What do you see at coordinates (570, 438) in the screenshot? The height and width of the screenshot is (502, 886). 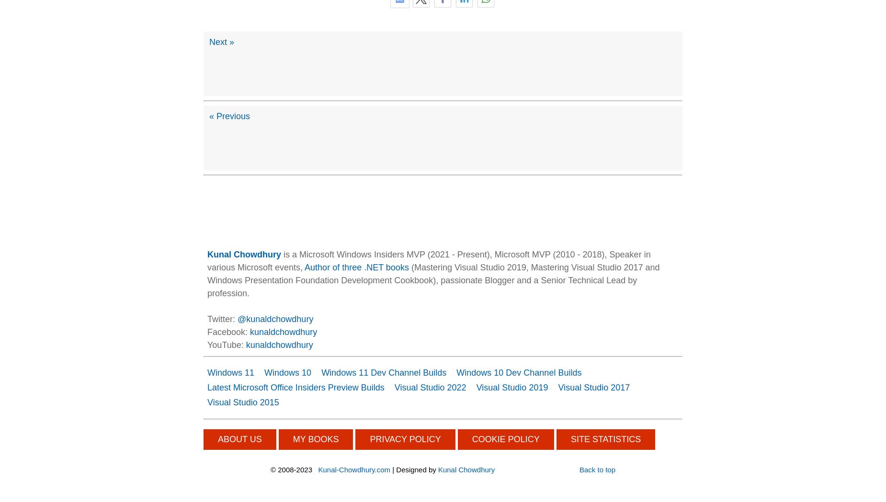 I see `'SITE STATISTICS'` at bounding box center [570, 438].